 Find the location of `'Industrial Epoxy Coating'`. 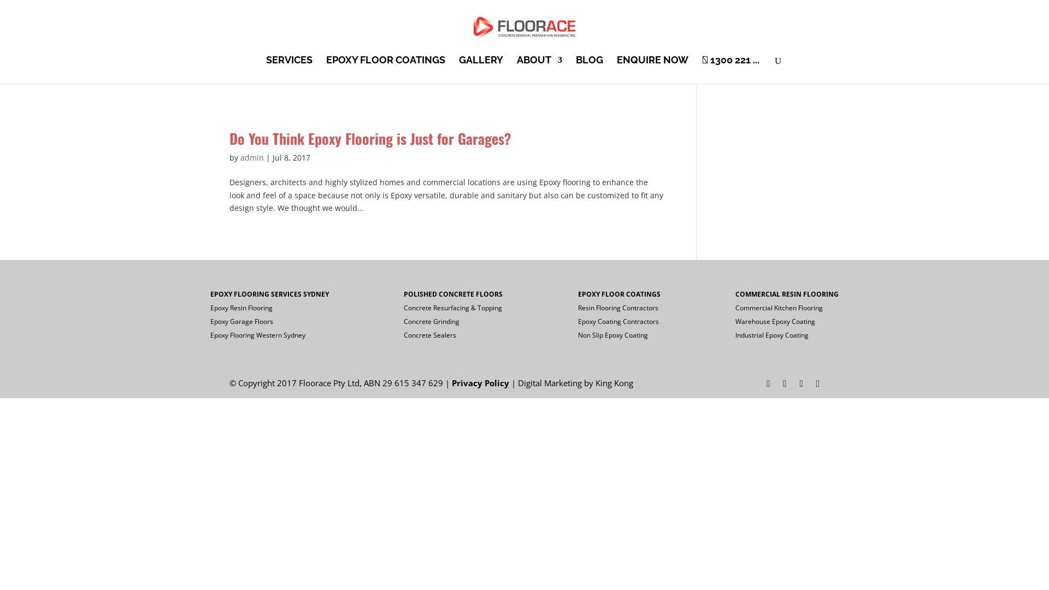

'Industrial Epoxy Coating' is located at coordinates (771, 334).